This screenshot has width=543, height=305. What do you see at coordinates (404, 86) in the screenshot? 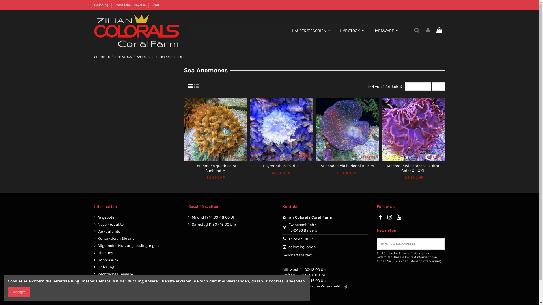
I see `'Relevanz'` at bounding box center [404, 86].